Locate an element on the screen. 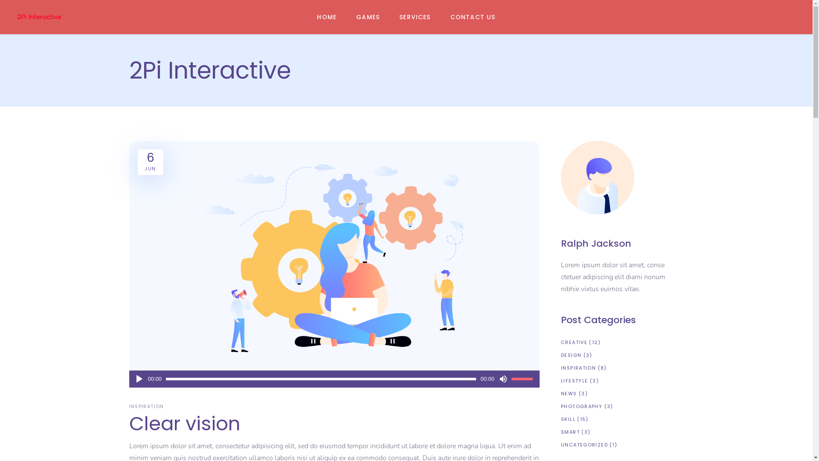  'Play' is located at coordinates (139, 378).